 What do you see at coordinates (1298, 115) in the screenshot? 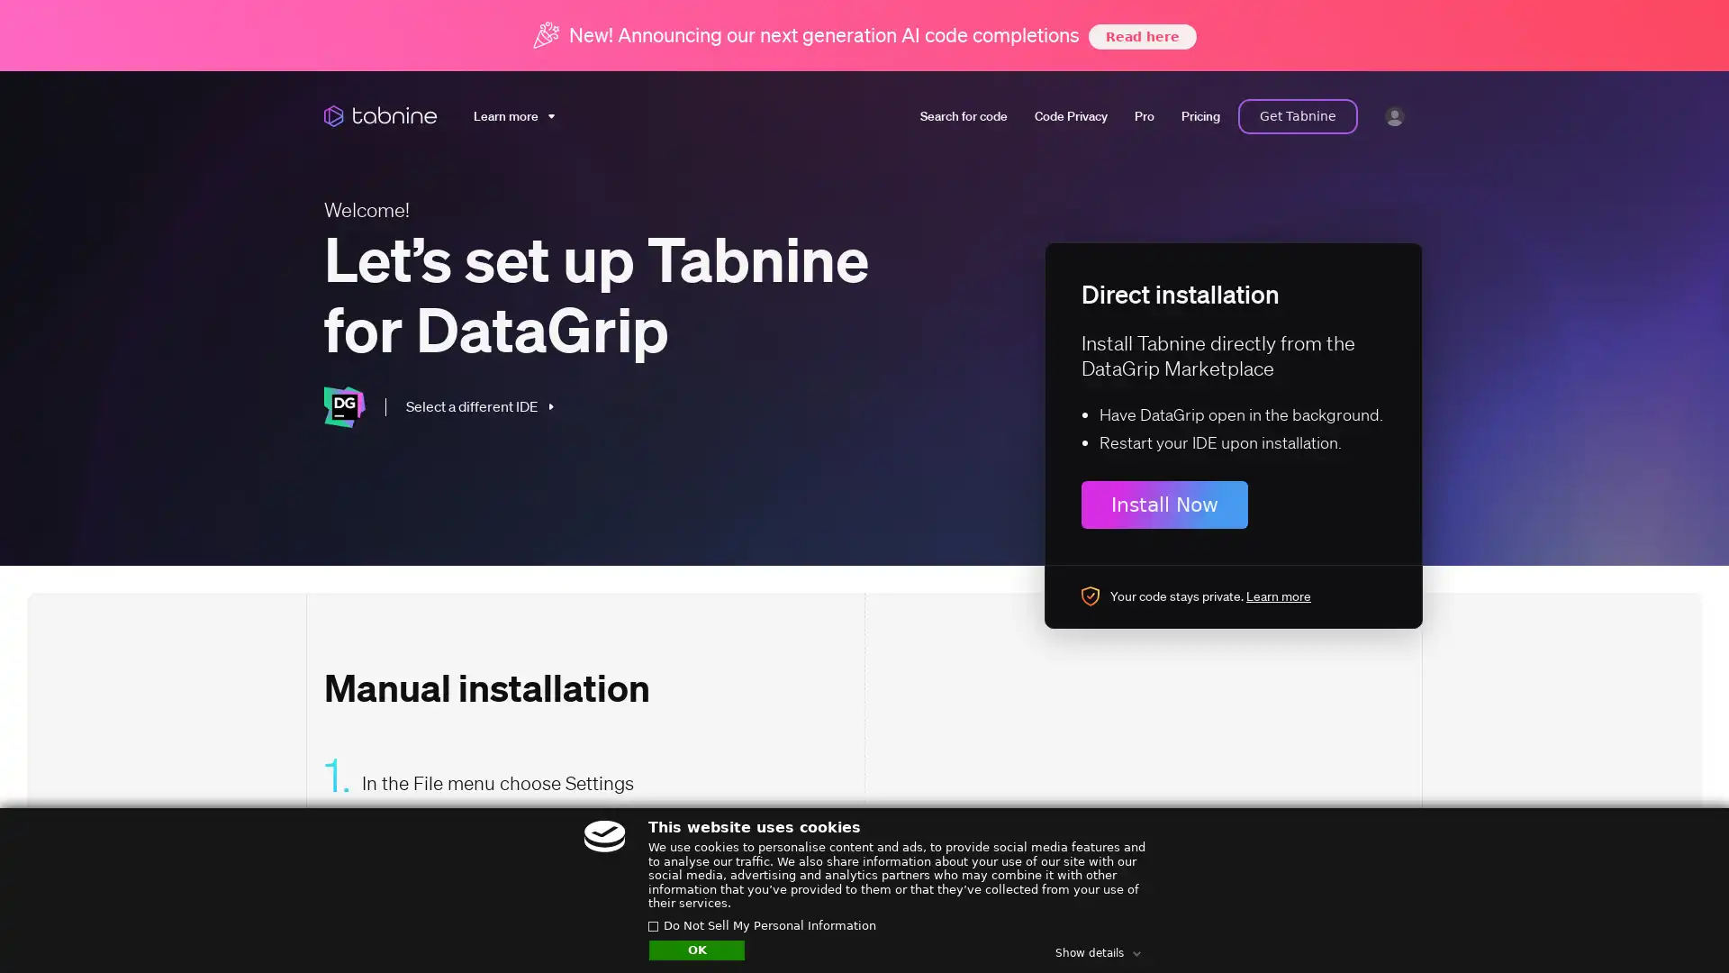
I see `Get Tabnine` at bounding box center [1298, 115].